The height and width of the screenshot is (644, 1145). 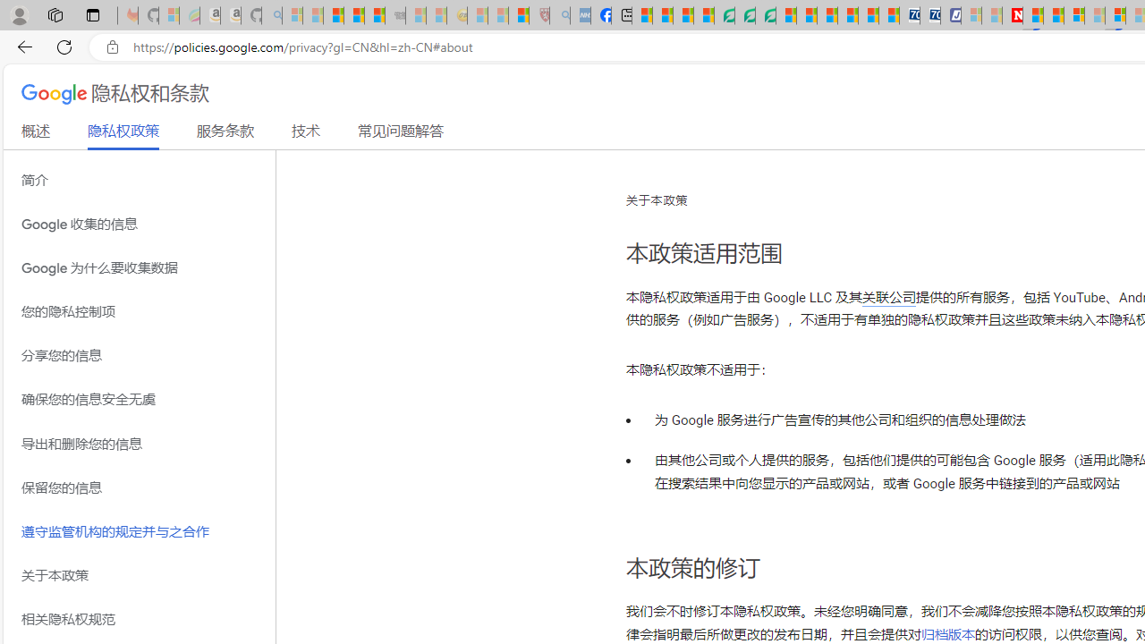 I want to click on 'Terms of Use Agreement', so click(x=744, y=15).